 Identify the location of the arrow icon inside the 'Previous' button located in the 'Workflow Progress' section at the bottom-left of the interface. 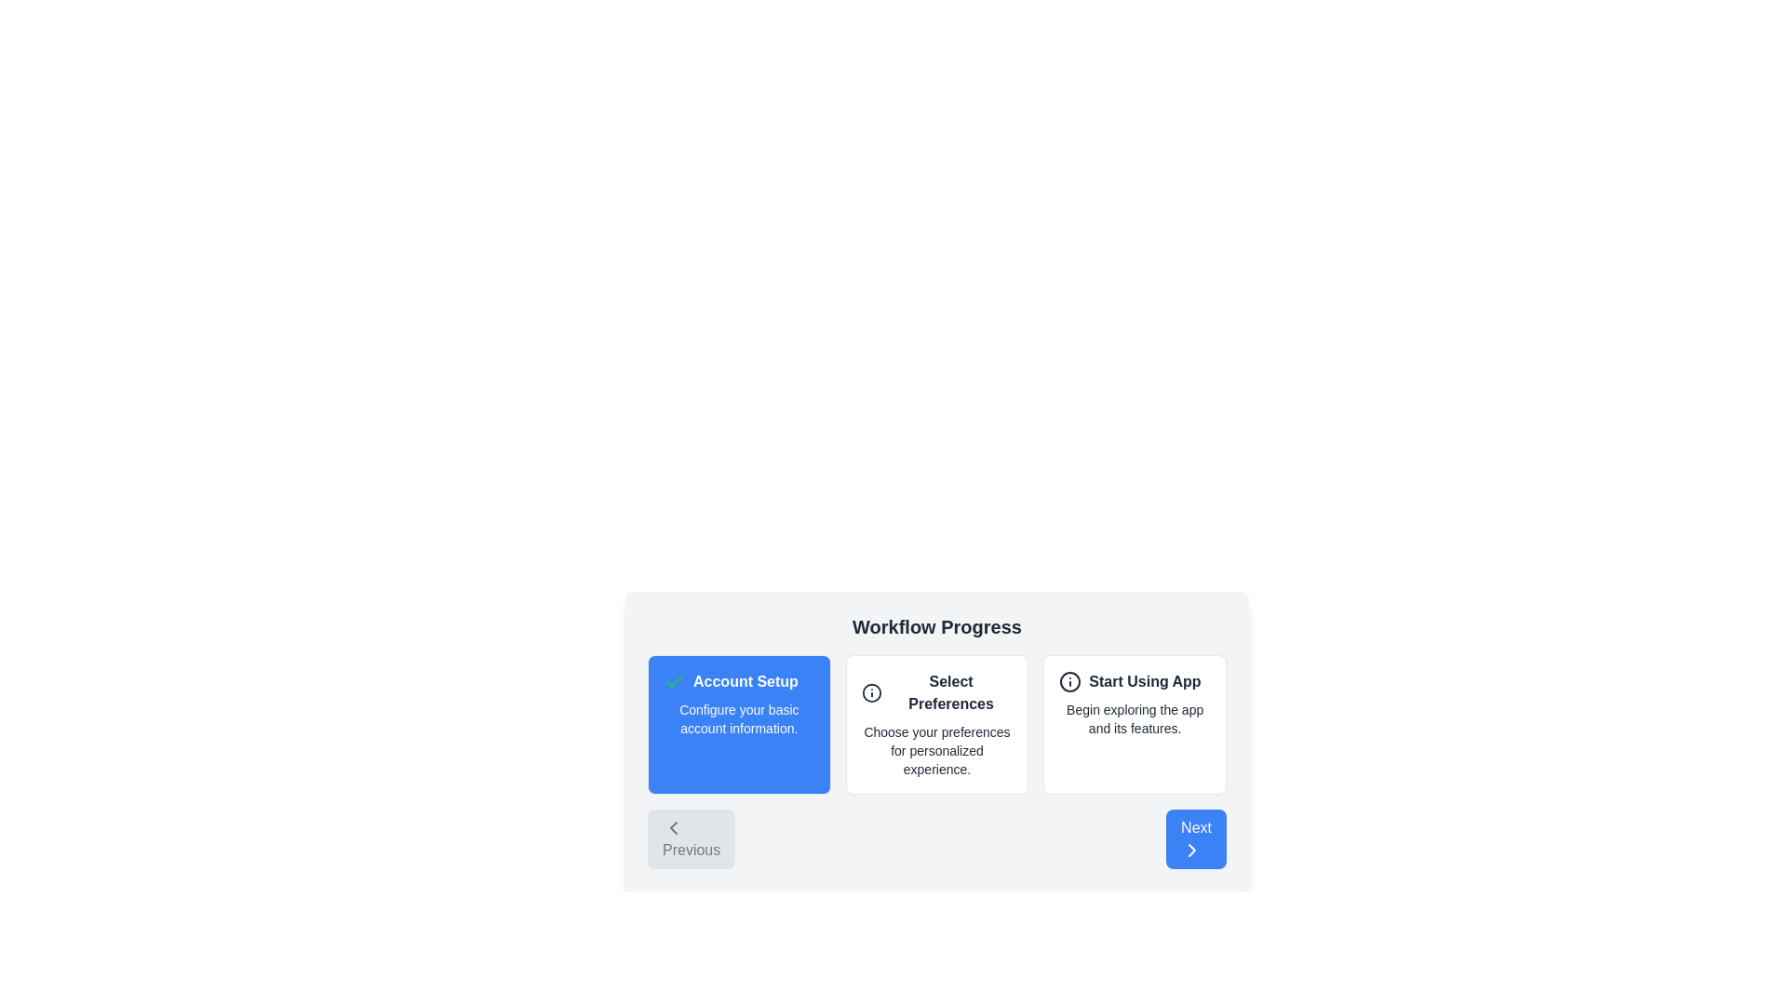
(673, 827).